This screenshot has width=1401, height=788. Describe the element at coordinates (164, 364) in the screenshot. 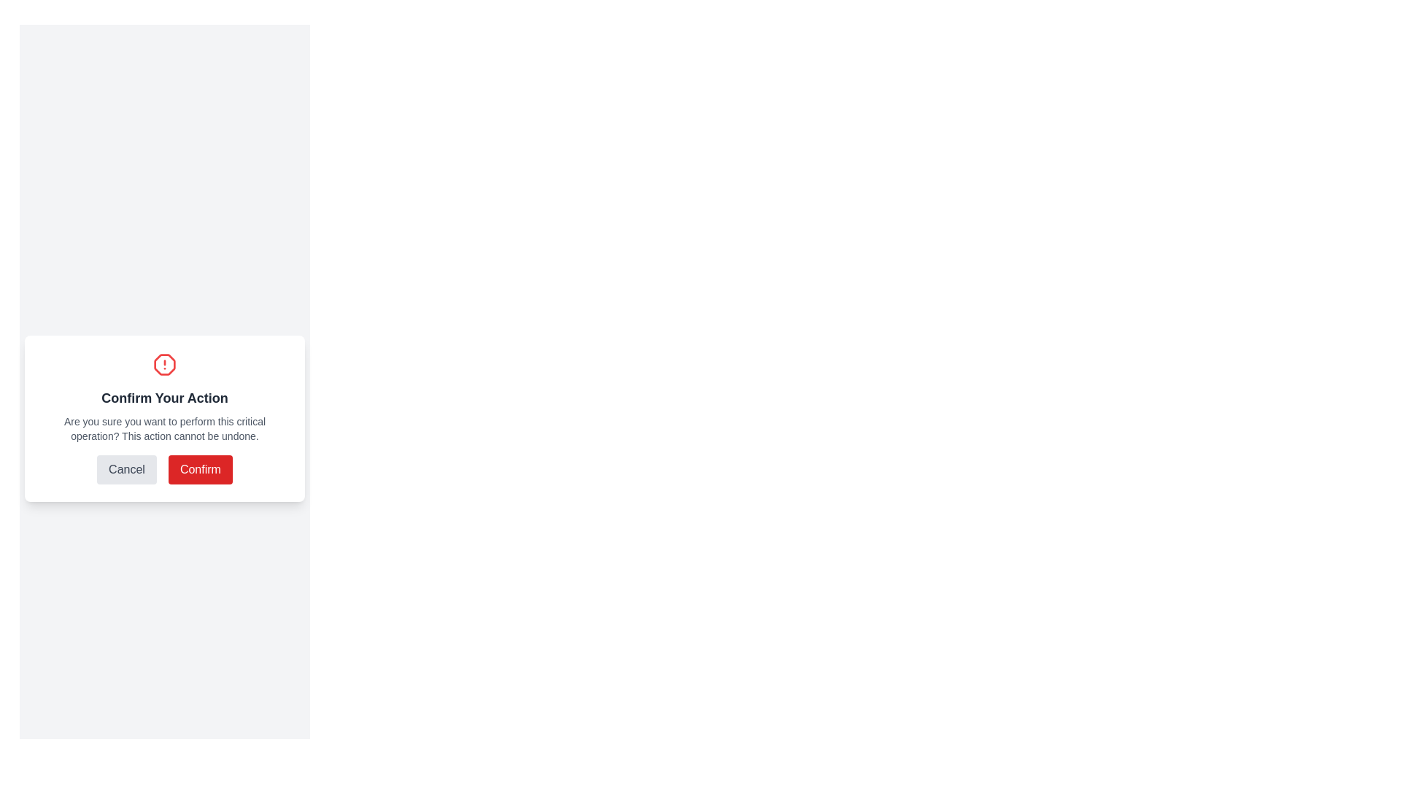

I see `the alert icon located at the top of the modal dialog box, directly above the title 'Confirm Your Action'` at that location.